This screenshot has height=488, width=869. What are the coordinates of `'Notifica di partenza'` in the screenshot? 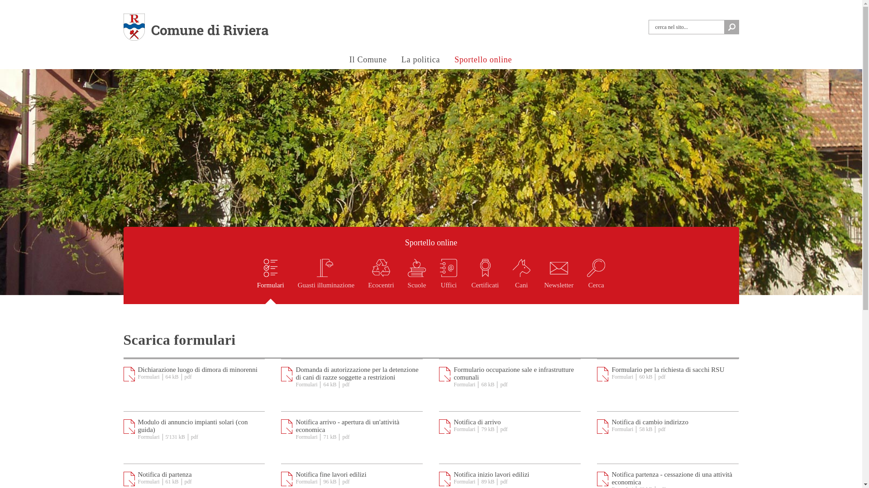 It's located at (164, 474).